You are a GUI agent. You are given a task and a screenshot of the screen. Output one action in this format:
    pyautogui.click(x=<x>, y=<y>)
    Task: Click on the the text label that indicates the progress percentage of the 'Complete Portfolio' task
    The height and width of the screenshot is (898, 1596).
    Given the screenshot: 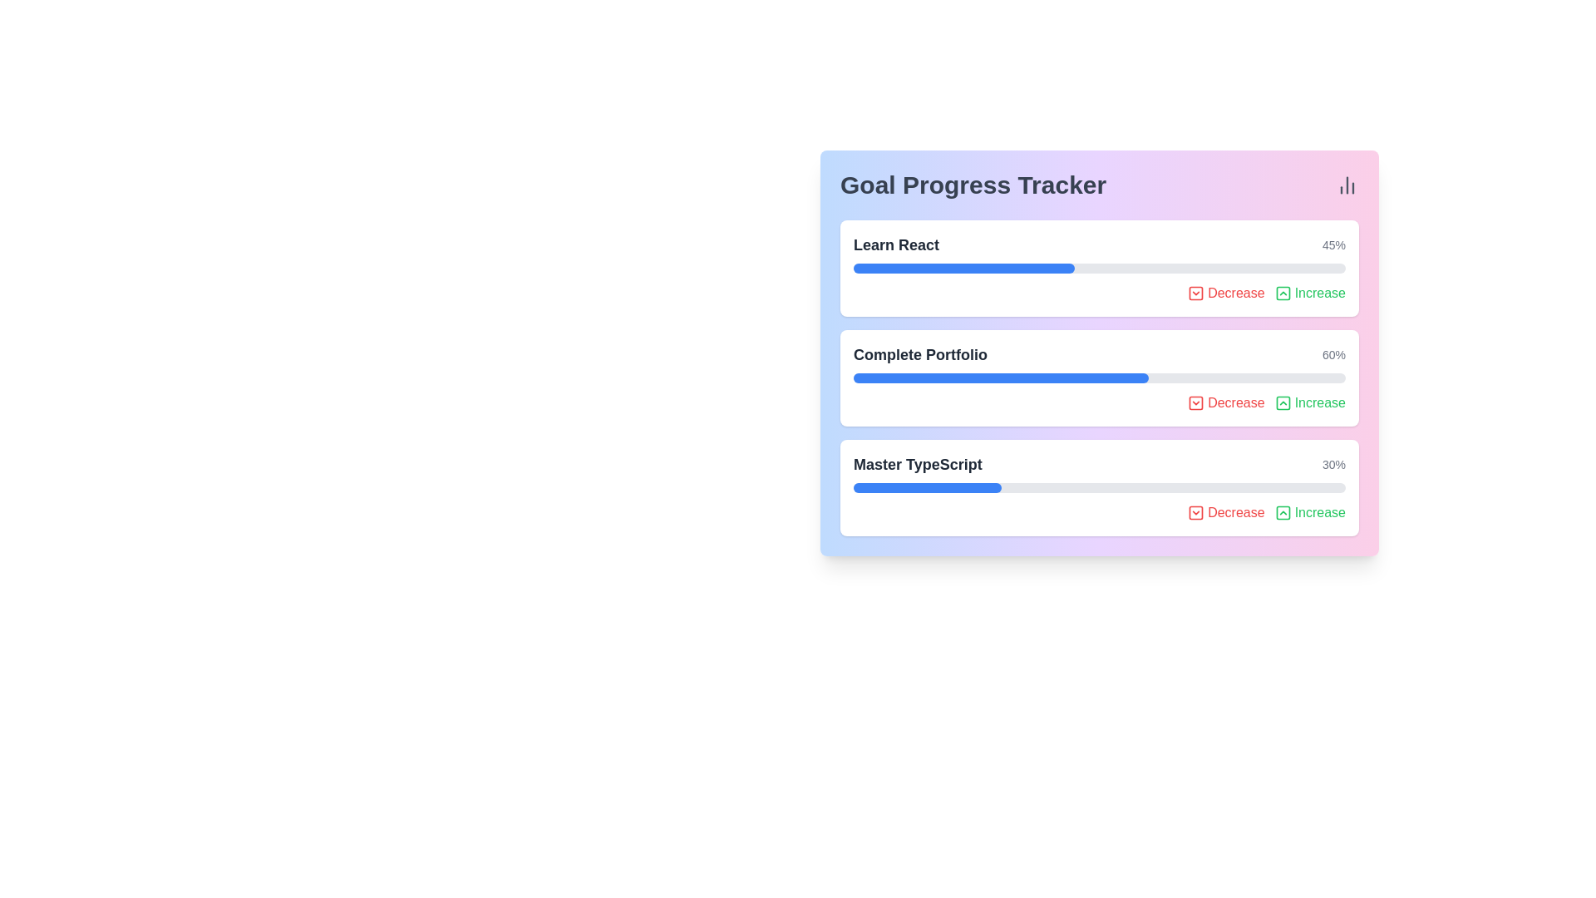 What is the action you would take?
    pyautogui.click(x=1333, y=354)
    